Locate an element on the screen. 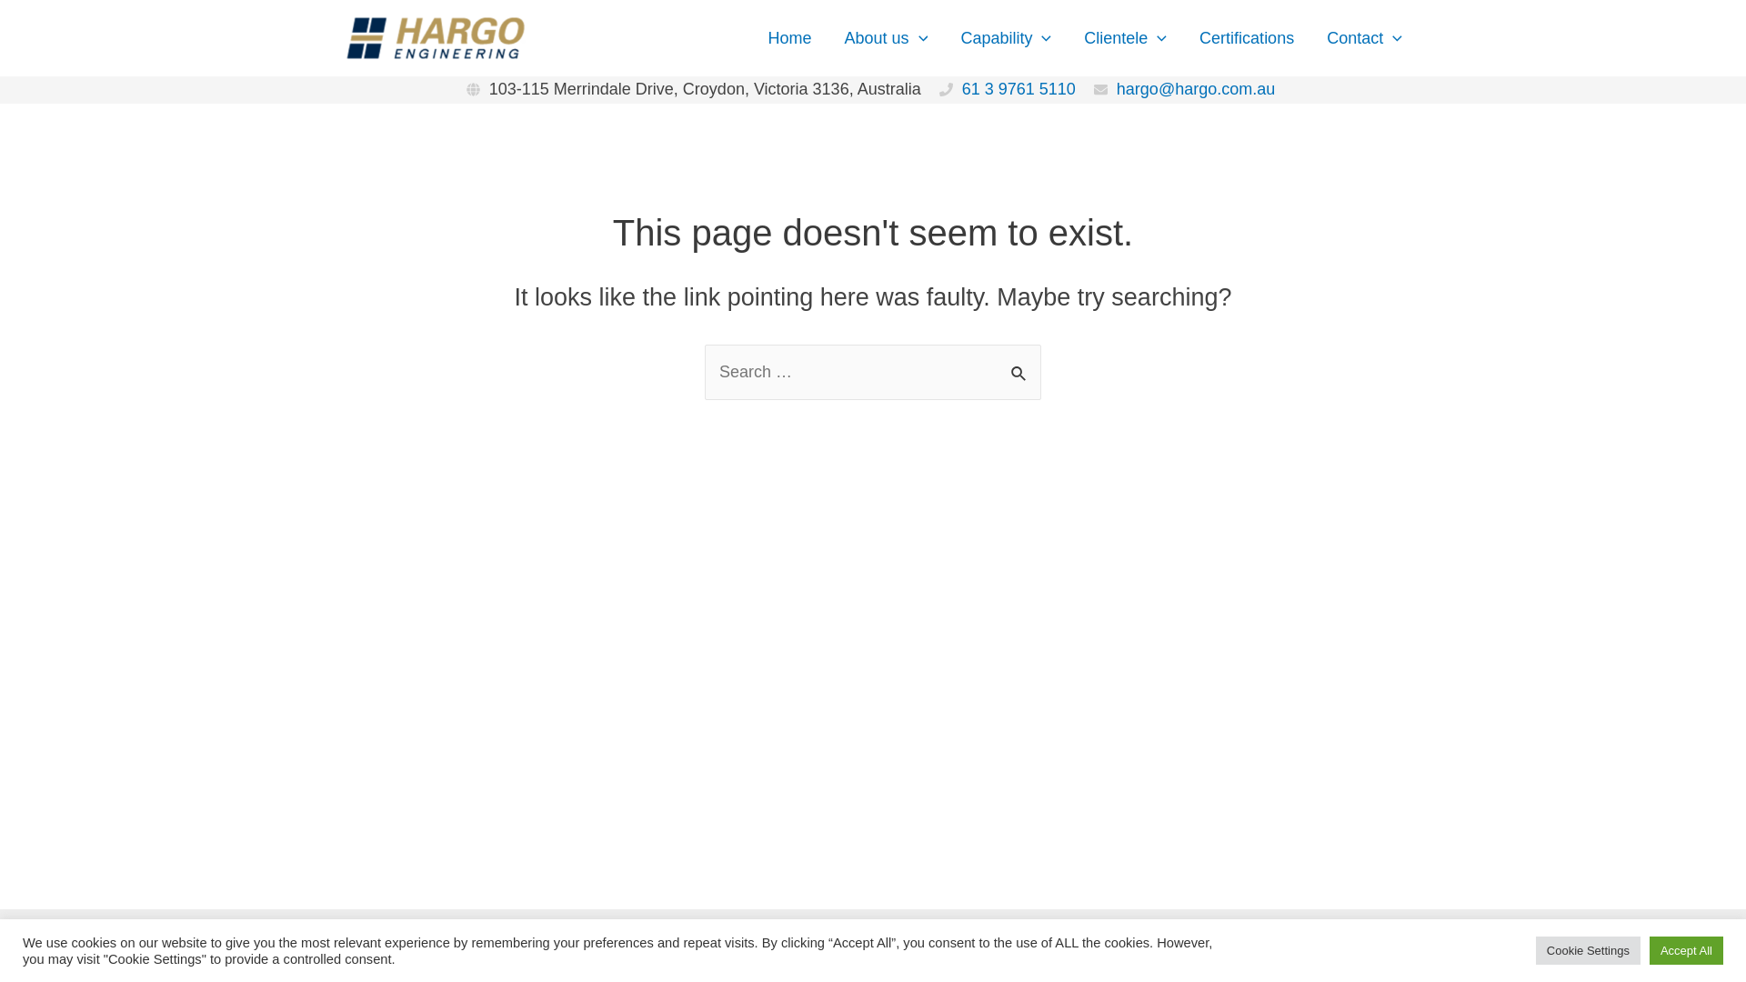  'Search' is located at coordinates (1020, 365).